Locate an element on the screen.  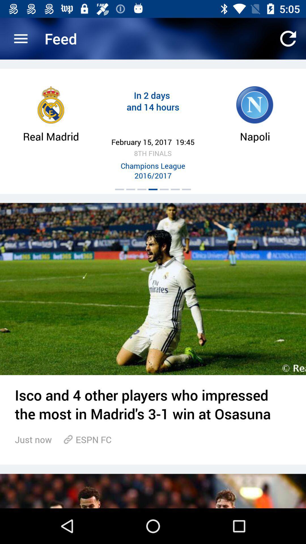
app to the right of the feed item is located at coordinates (288, 38).